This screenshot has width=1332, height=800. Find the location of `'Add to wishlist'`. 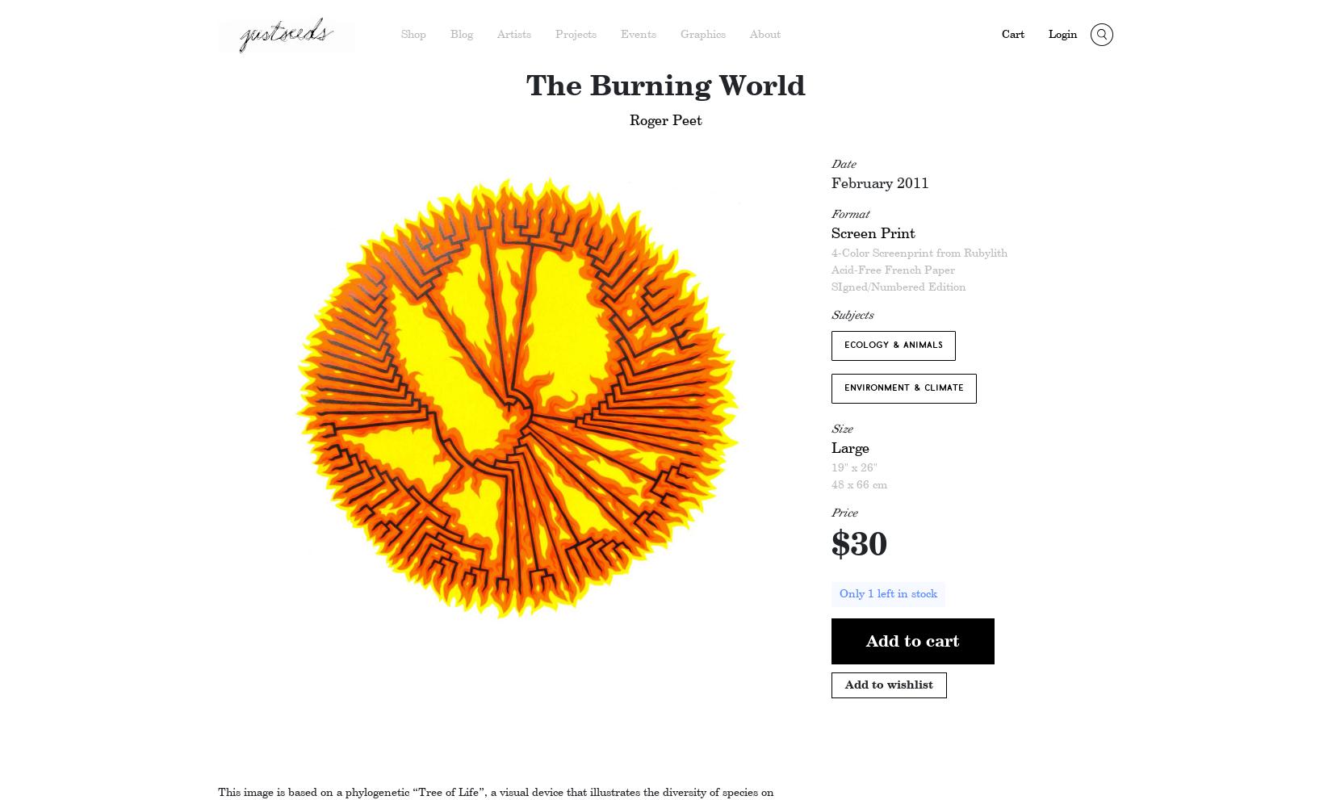

'Add to wishlist' is located at coordinates (889, 683).